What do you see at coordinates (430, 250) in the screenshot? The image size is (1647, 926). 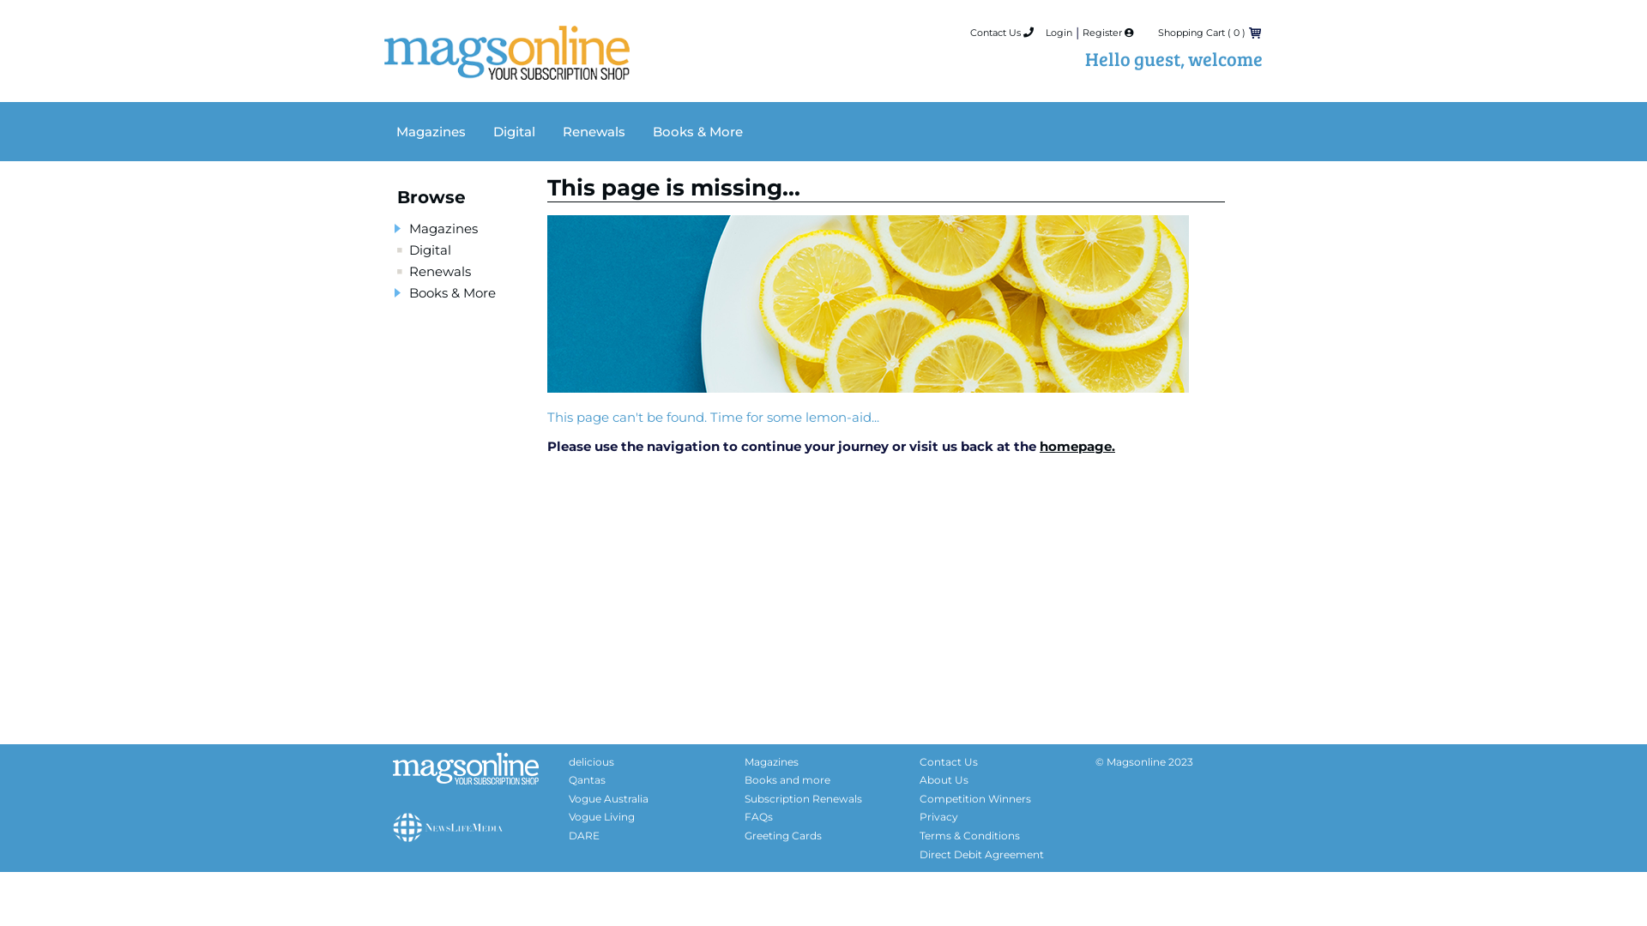 I see `'Digital'` at bounding box center [430, 250].